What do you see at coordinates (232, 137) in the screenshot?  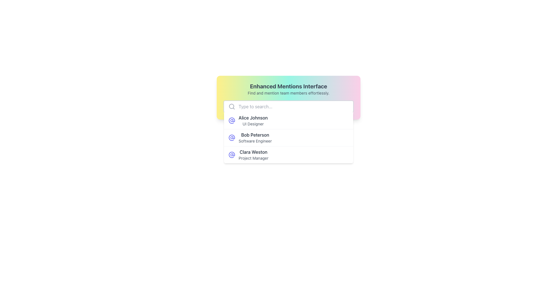 I see `the '@' icon for the user 'Bob Peterson Software Engineer'` at bounding box center [232, 137].